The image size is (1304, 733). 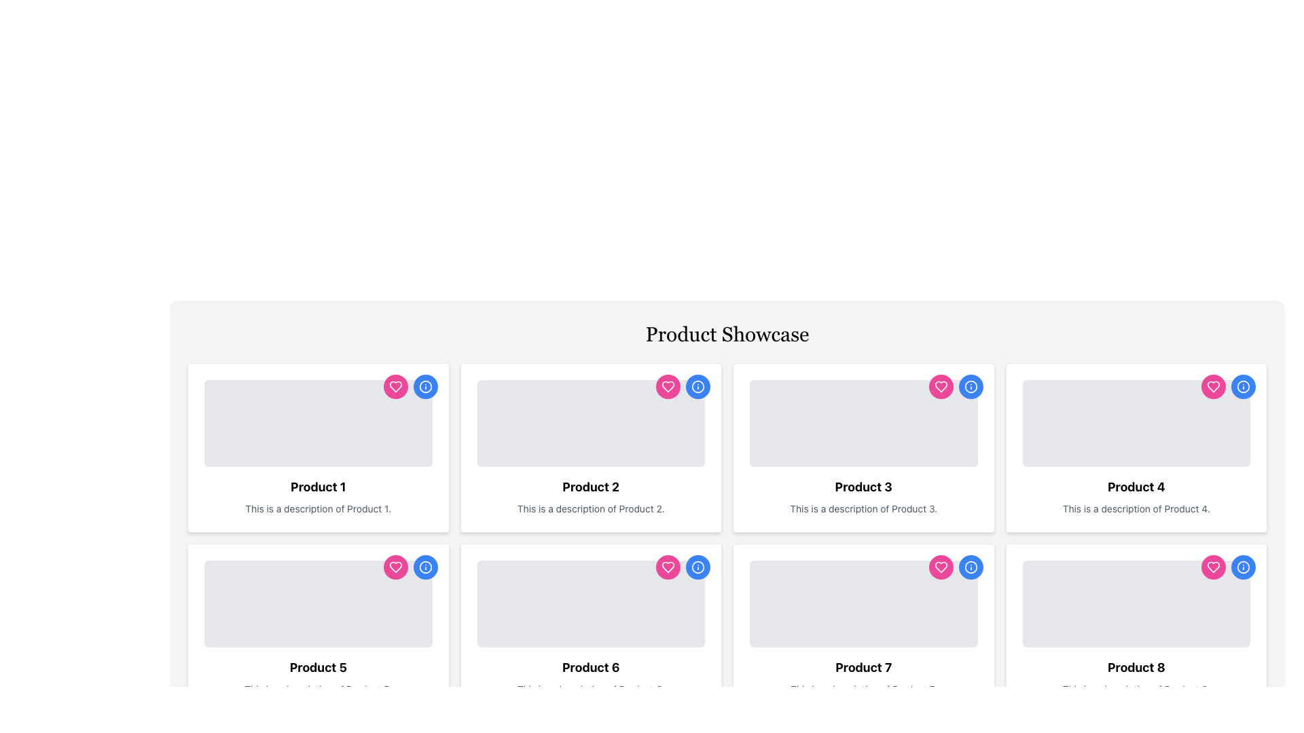 I want to click on the heart-shaped icon within the pink button located at the top-right corner of 'Product 2' in the product grid to mark it as a favorite, so click(x=668, y=567).